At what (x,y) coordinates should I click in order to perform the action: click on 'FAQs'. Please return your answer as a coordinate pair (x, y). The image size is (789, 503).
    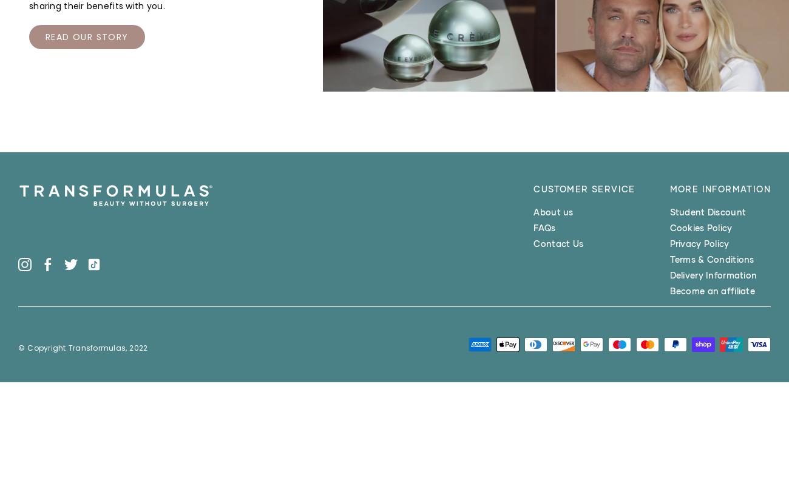
    Looking at the image, I should click on (543, 226).